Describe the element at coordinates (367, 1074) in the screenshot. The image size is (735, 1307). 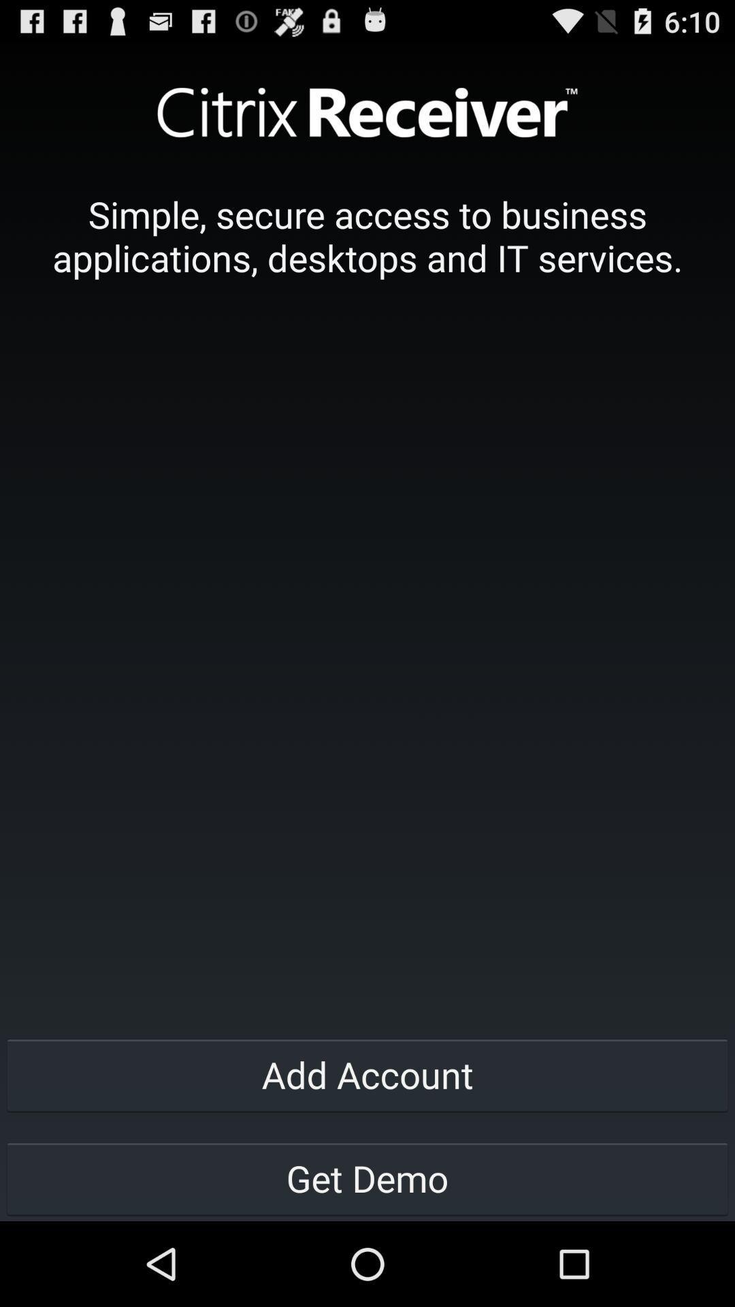
I see `icon below simple secure access app` at that location.